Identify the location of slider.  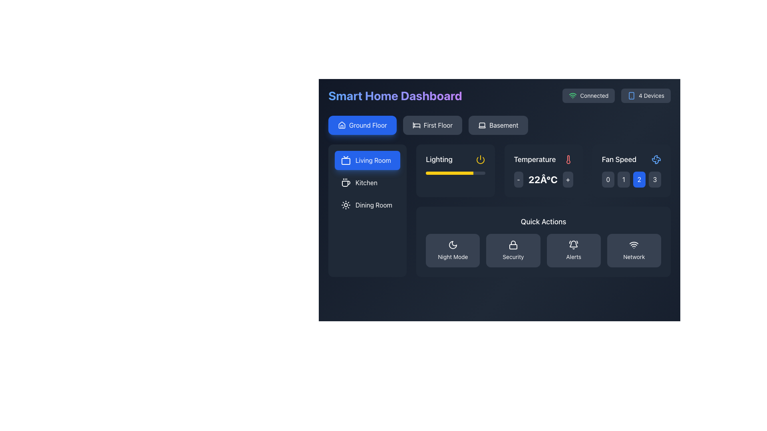
(449, 173).